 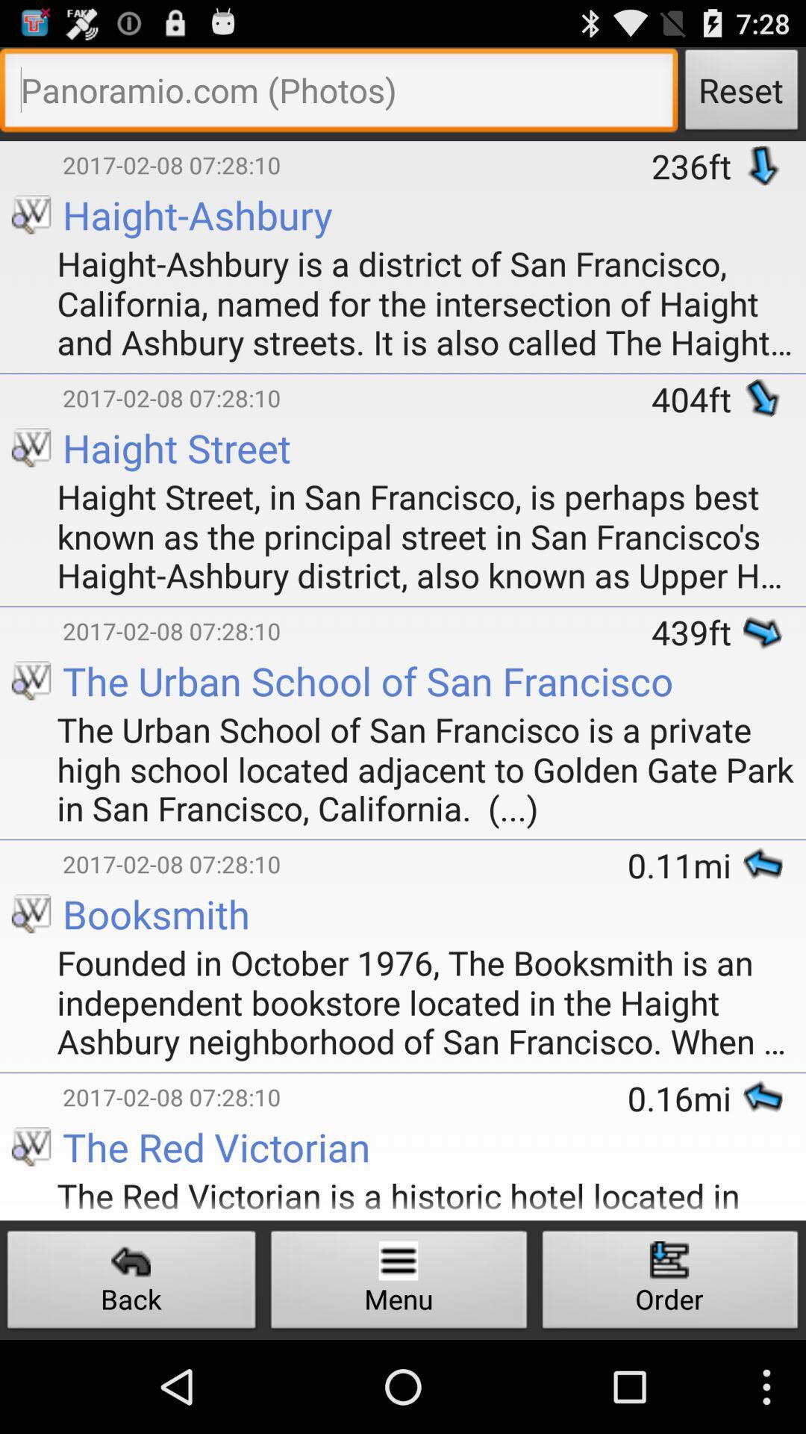 I want to click on the icon next to haight ashbury is, so click(x=13, y=243).